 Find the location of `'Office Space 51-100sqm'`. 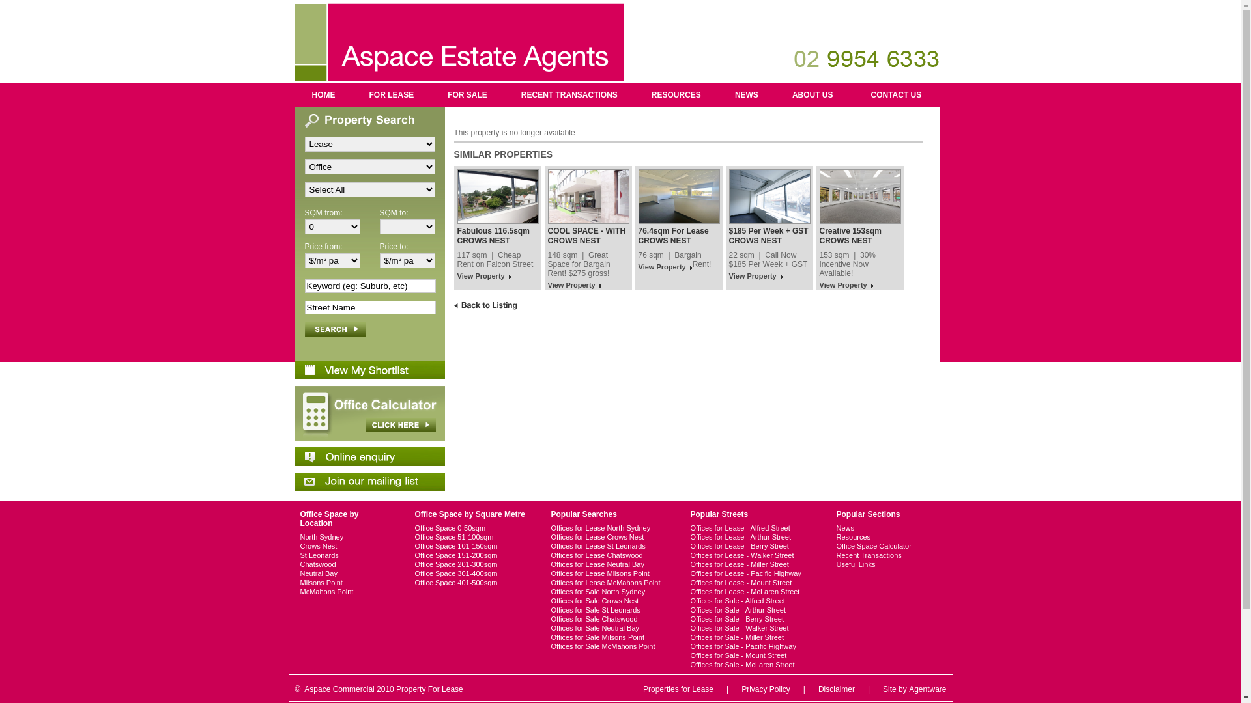

'Office Space 51-100sqm' is located at coordinates (470, 537).